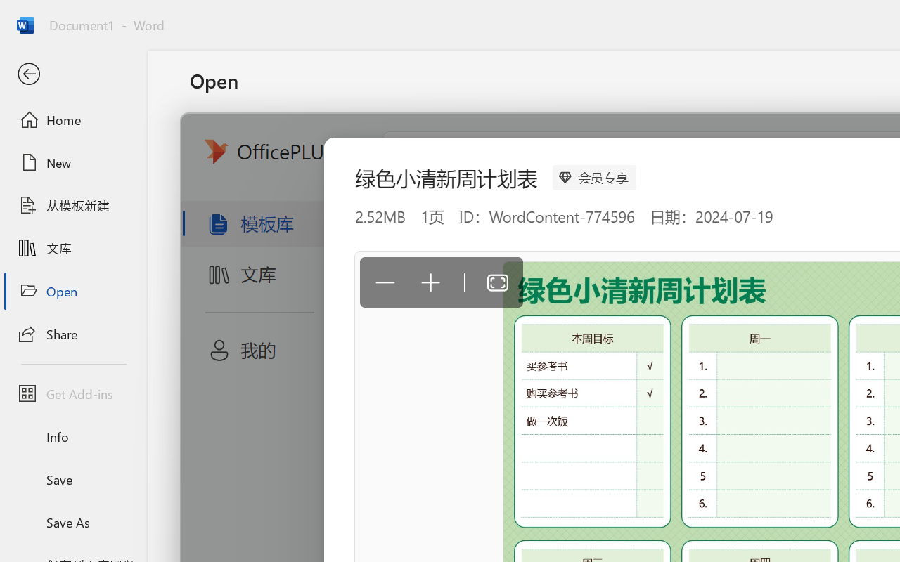  I want to click on 'New', so click(72, 162).